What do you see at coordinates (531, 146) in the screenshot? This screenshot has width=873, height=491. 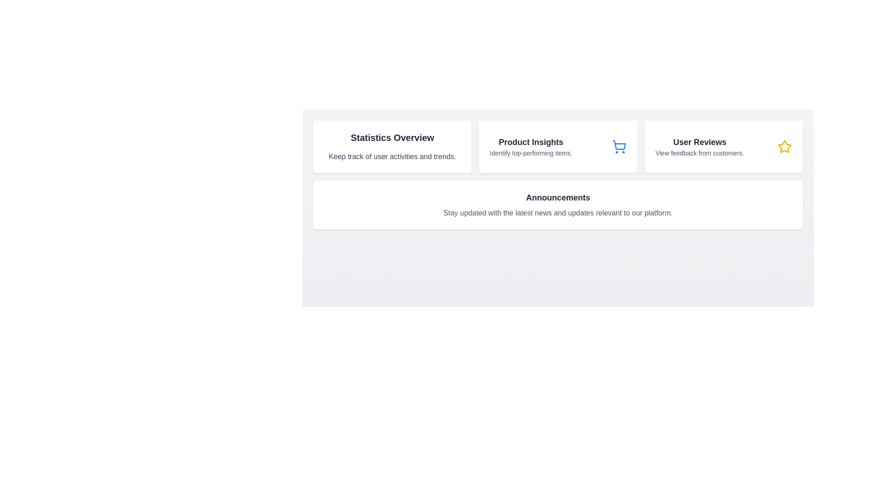 I see `informative text block titled 'Product Insights', which contains the heading and the description 'Identify top-performing items.'` at bounding box center [531, 146].